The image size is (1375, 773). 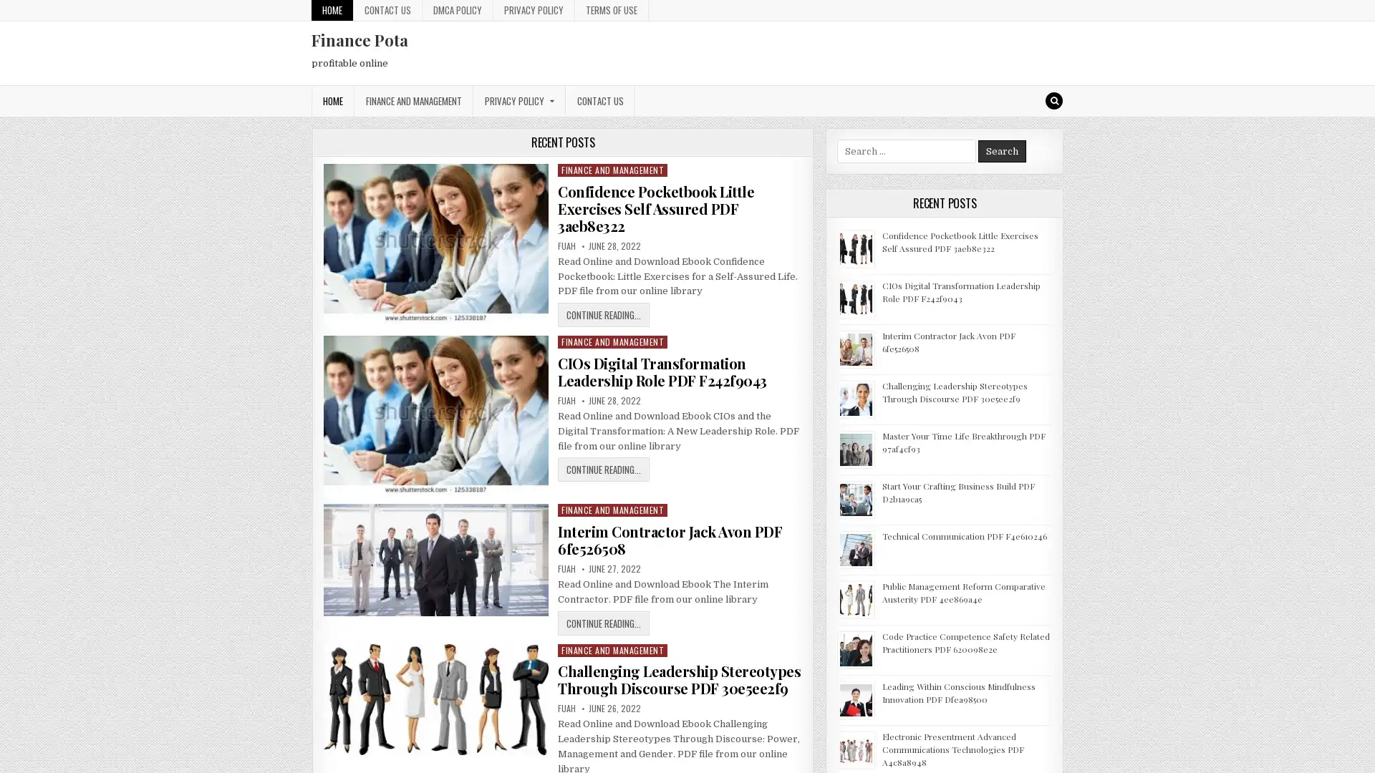 What do you see at coordinates (1001, 151) in the screenshot?
I see `Search` at bounding box center [1001, 151].